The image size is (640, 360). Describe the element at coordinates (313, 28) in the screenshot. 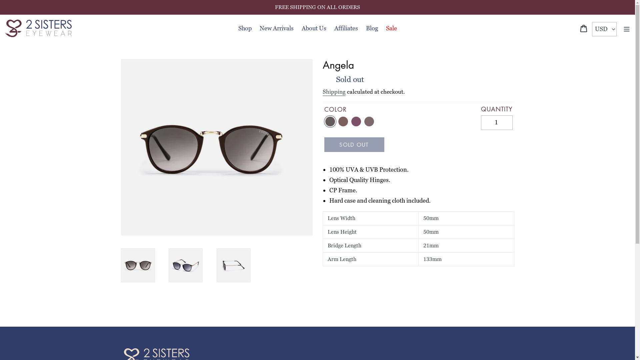

I see `'About Us'` at that location.